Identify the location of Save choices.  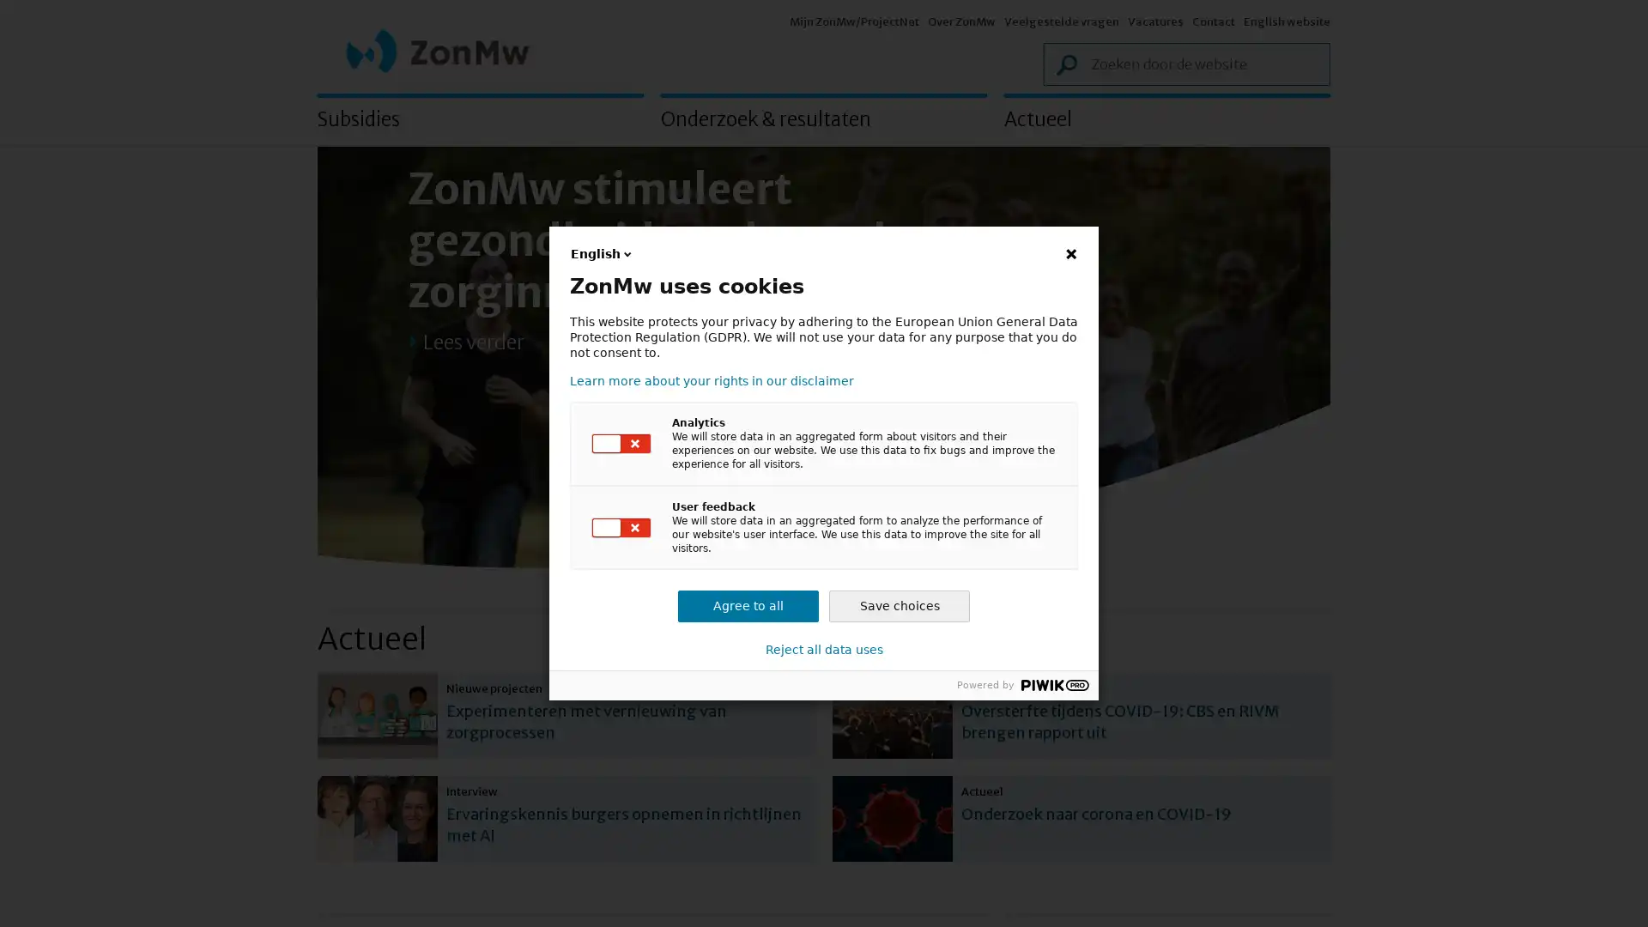
(898, 605).